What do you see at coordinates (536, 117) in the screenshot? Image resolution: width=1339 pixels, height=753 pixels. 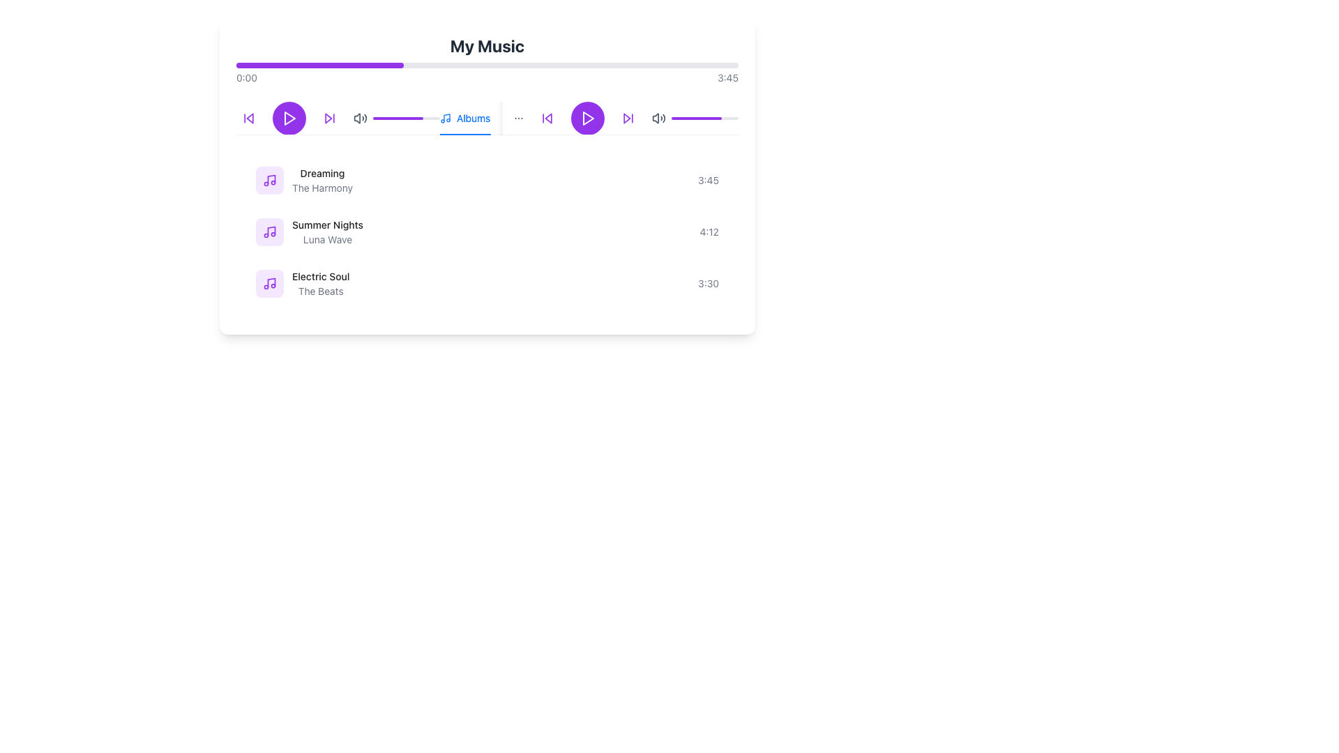 I see `the 'Albums' tab in the navigation bar` at bounding box center [536, 117].